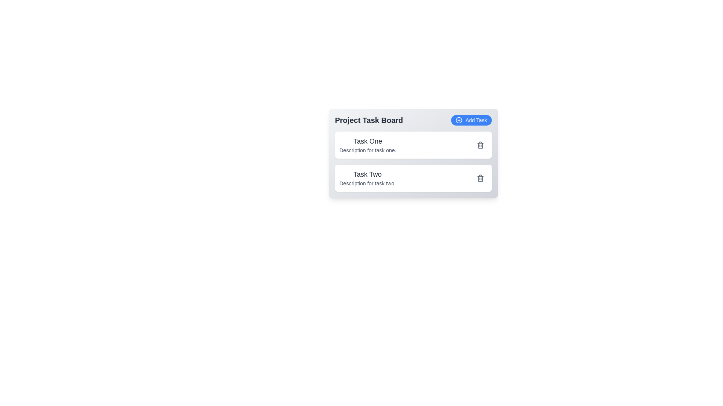 This screenshot has height=406, width=723. What do you see at coordinates (471, 120) in the screenshot?
I see `the button located in the top-right corner of the 'Project Task Board' section` at bounding box center [471, 120].